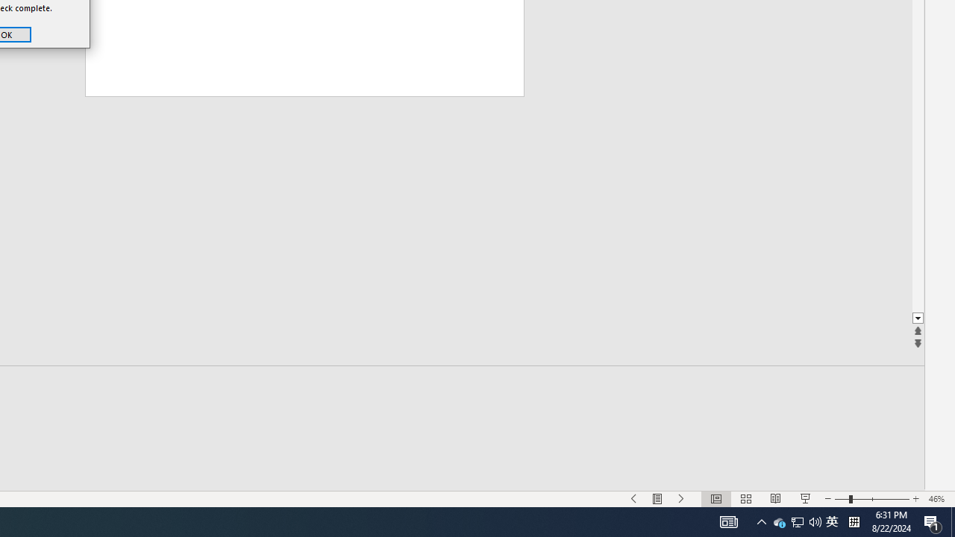 This screenshot has width=955, height=537. Describe the element at coordinates (746, 499) in the screenshot. I see `'Slide Sorter'` at that location.